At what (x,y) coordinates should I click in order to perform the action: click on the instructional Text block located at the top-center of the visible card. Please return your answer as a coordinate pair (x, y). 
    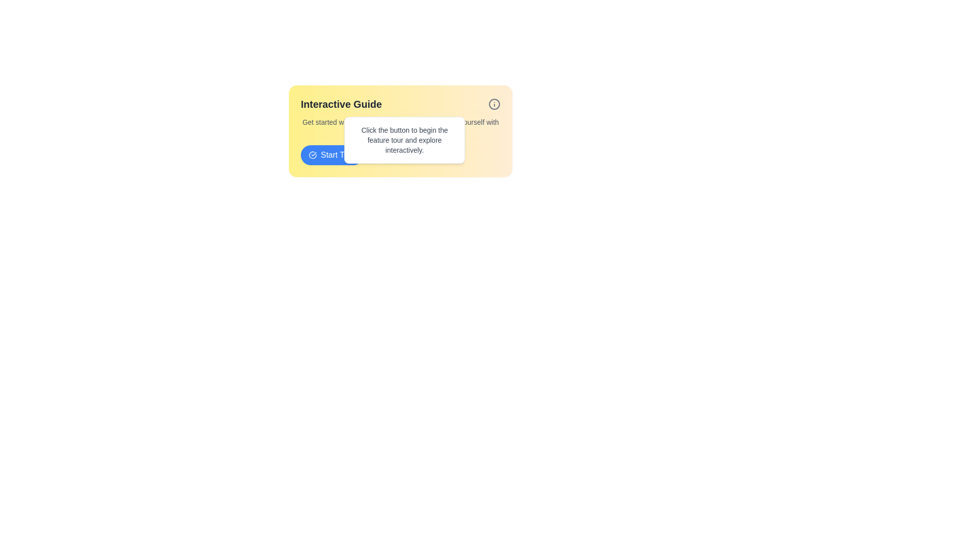
    Looking at the image, I should click on (400, 126).